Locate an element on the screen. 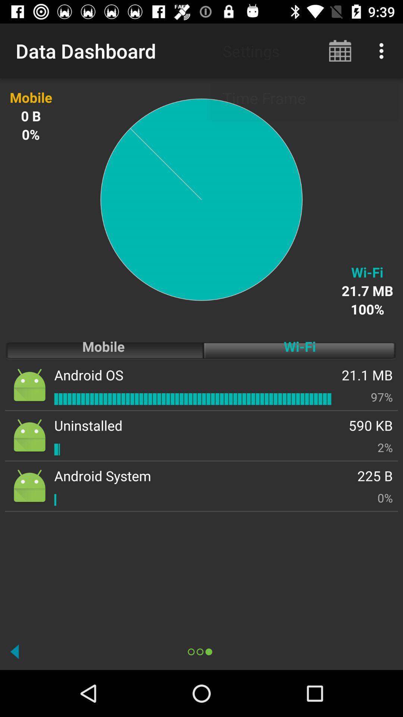  go back is located at coordinates (15, 651).